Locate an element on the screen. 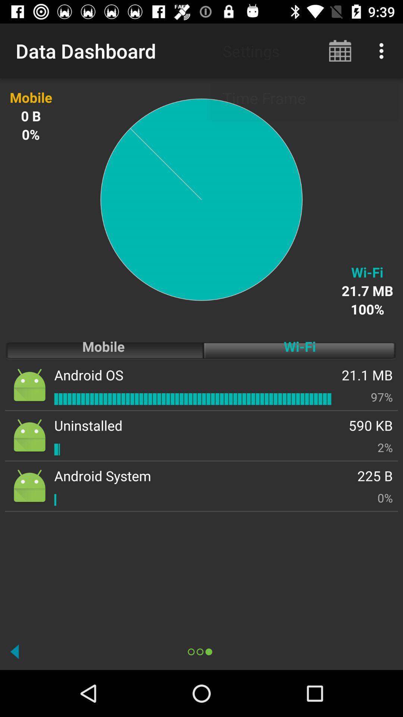  go back is located at coordinates (15, 651).